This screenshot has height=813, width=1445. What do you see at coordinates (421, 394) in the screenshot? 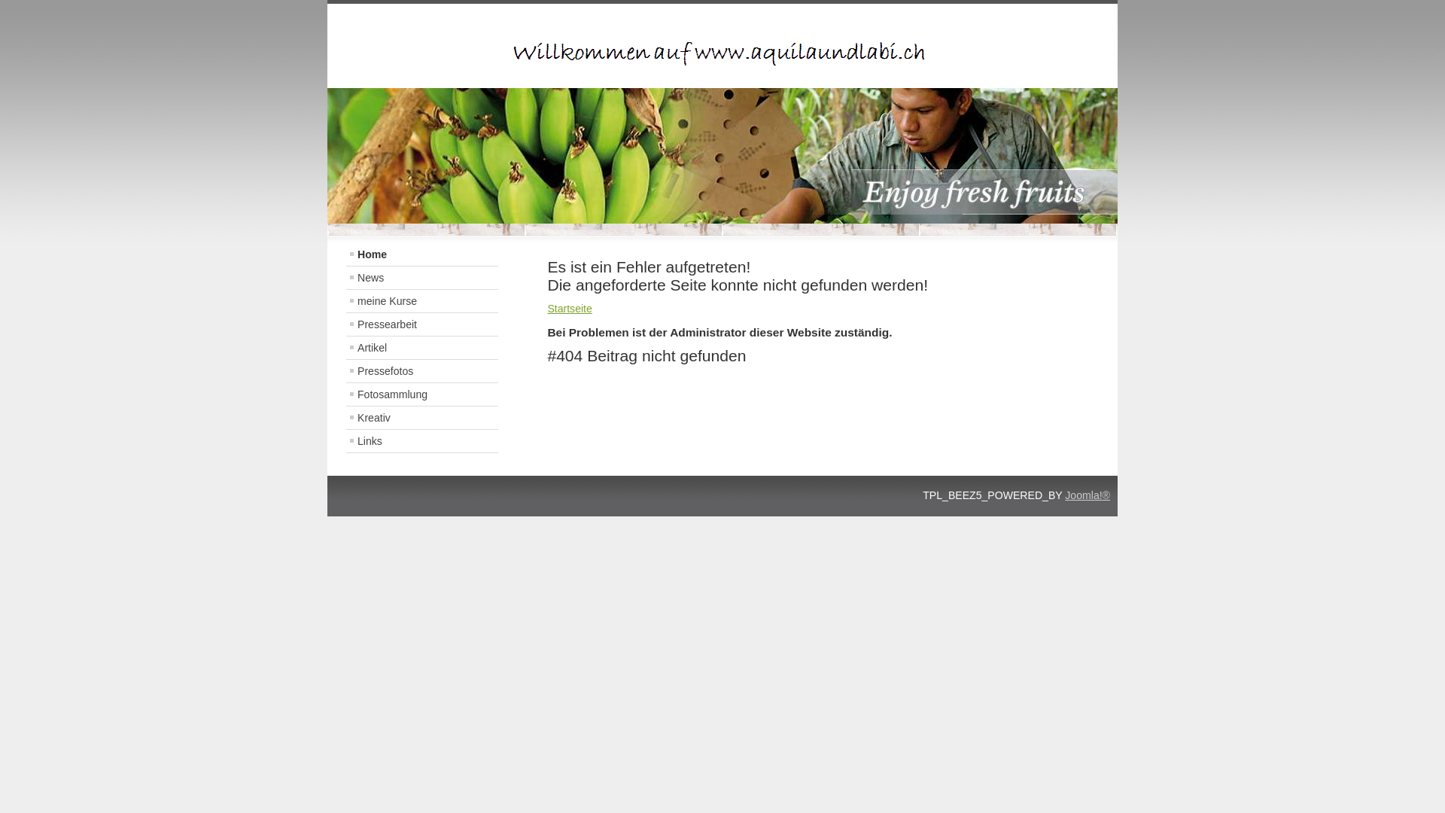
I see `'Fotosammlung'` at bounding box center [421, 394].